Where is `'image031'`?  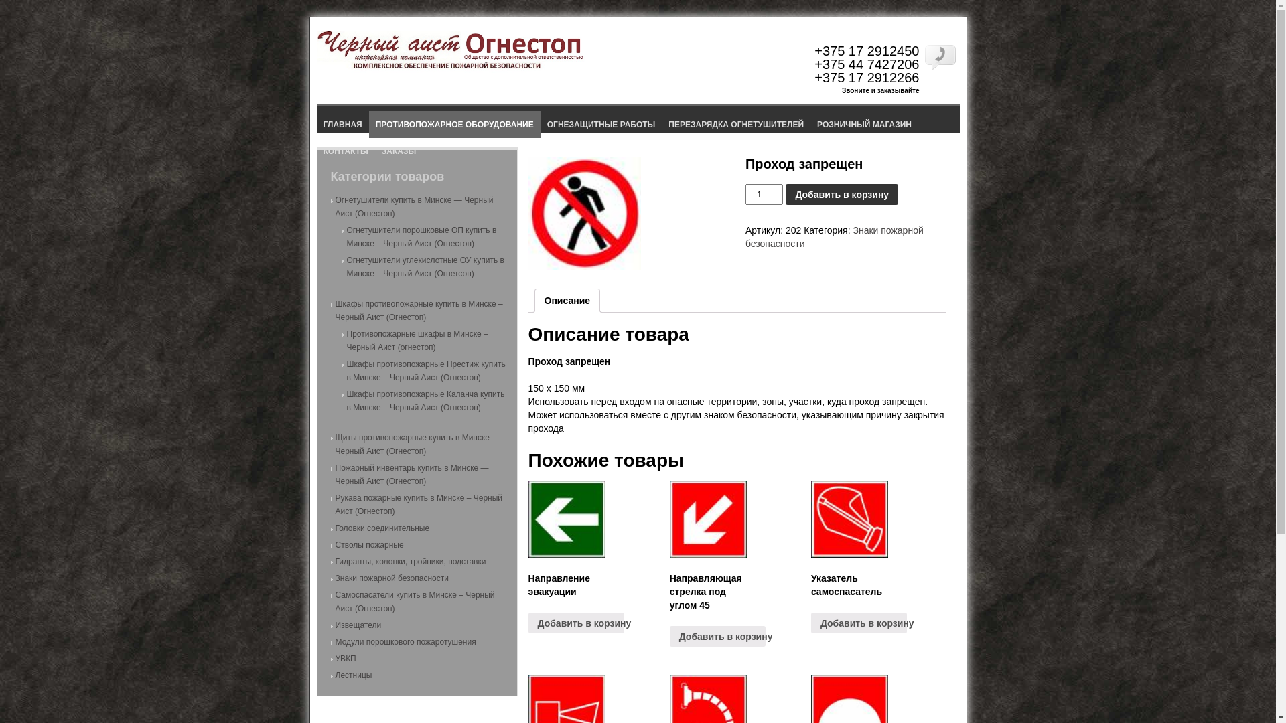 'image031' is located at coordinates (584, 213).